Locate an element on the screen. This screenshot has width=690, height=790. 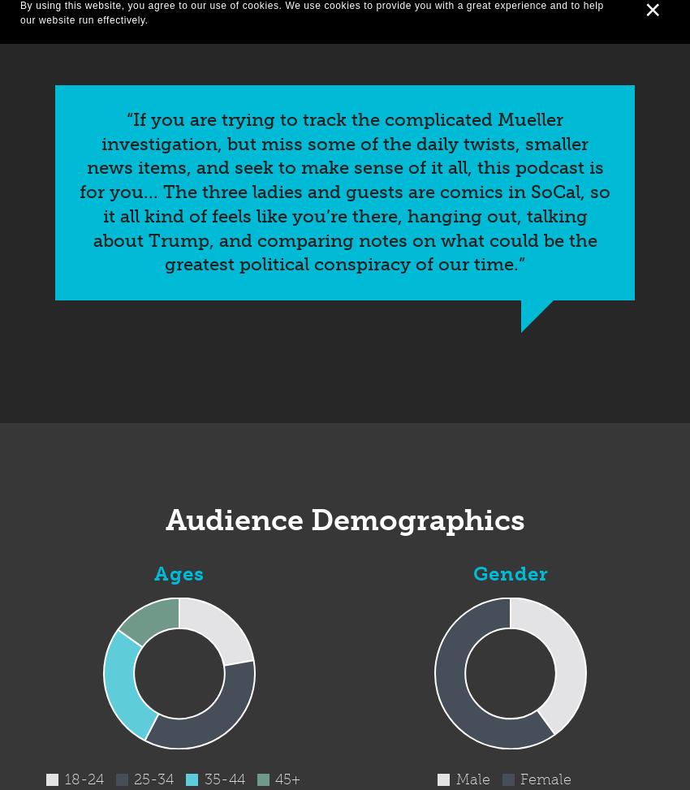
'18-24' is located at coordinates (63, 778).